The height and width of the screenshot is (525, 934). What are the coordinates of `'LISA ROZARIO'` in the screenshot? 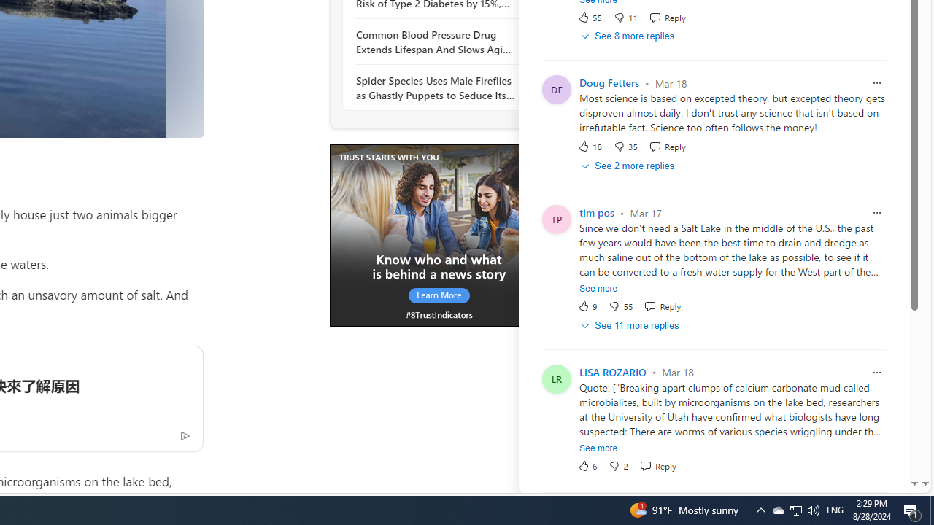 It's located at (612, 371).